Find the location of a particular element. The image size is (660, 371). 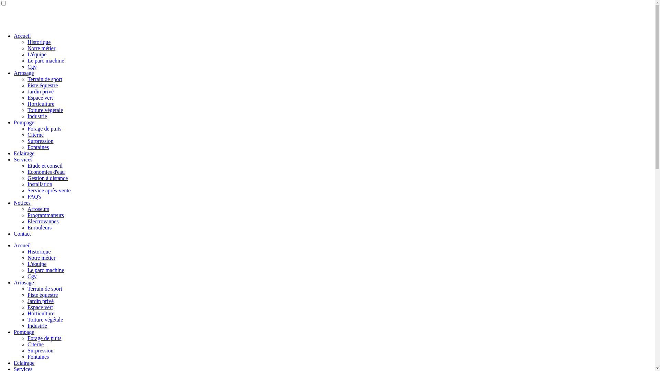

'Citerne' is located at coordinates (35, 344).